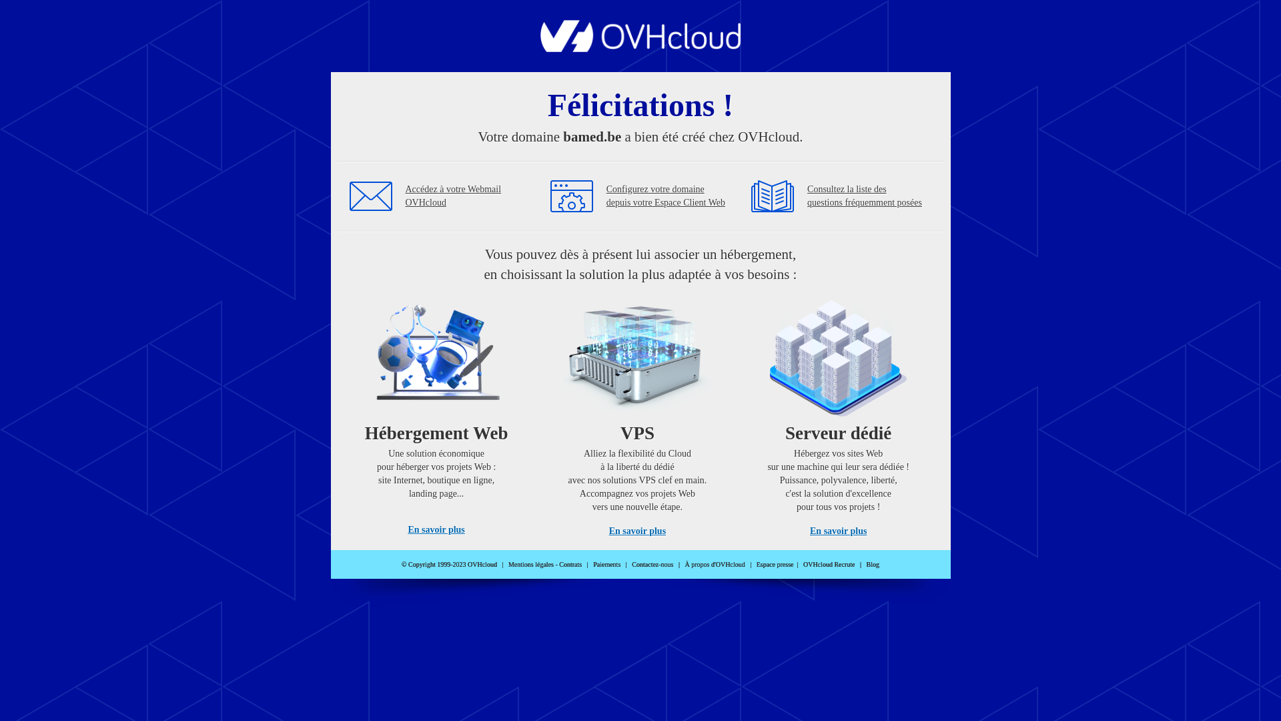 Image resolution: width=1281 pixels, height=721 pixels. Describe the element at coordinates (640, 47) in the screenshot. I see `'OVHcloud'` at that location.